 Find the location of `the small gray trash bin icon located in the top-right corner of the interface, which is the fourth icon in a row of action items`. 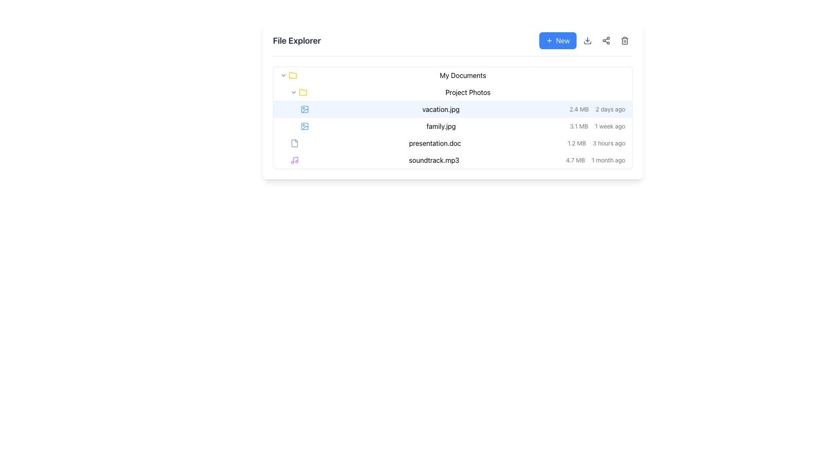

the small gray trash bin icon located in the top-right corner of the interface, which is the fourth icon in a row of action items is located at coordinates (624, 41).